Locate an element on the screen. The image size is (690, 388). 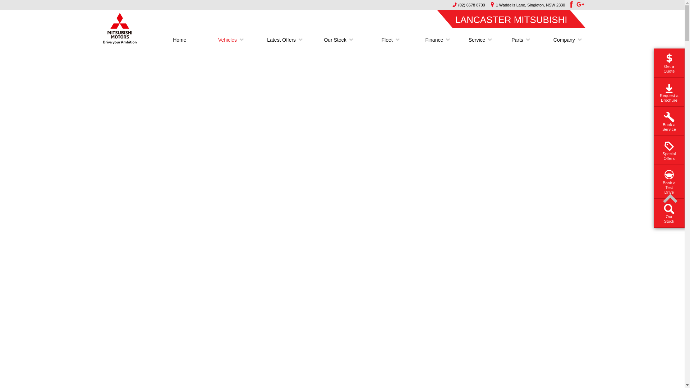
'Company' is located at coordinates (561, 40).